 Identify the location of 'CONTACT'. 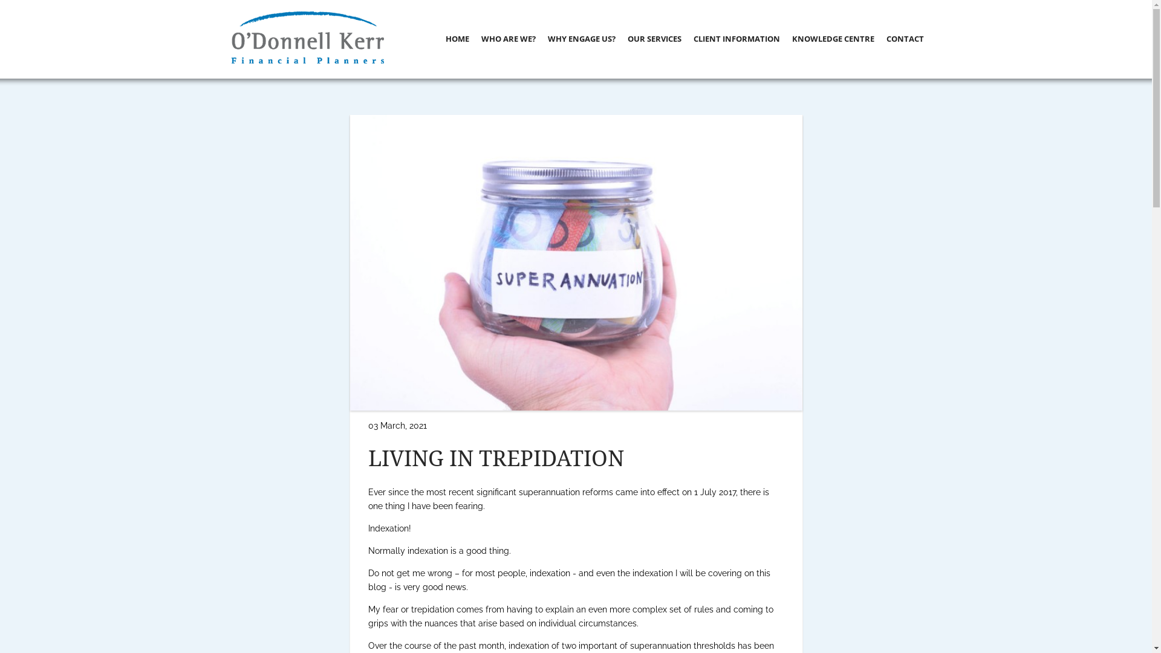
(905, 38).